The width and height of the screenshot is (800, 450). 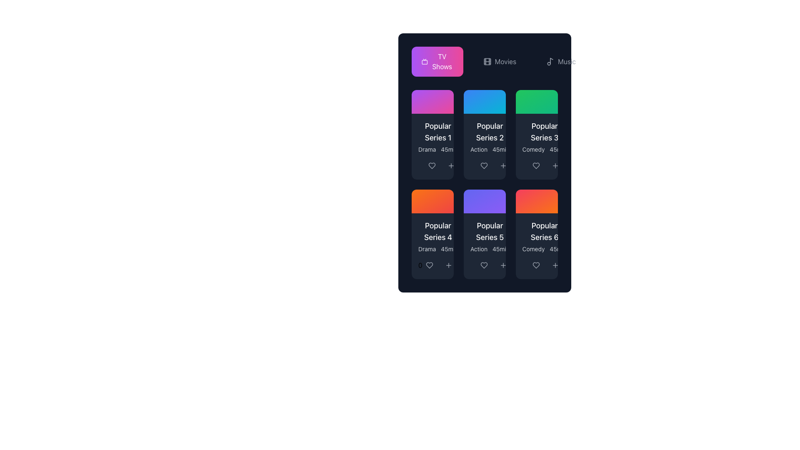 I want to click on the '+' icon, which is an SVG button located in the bottom-right section of the 'Popular Series 3' card, below the card's title and description, so click(x=555, y=165).